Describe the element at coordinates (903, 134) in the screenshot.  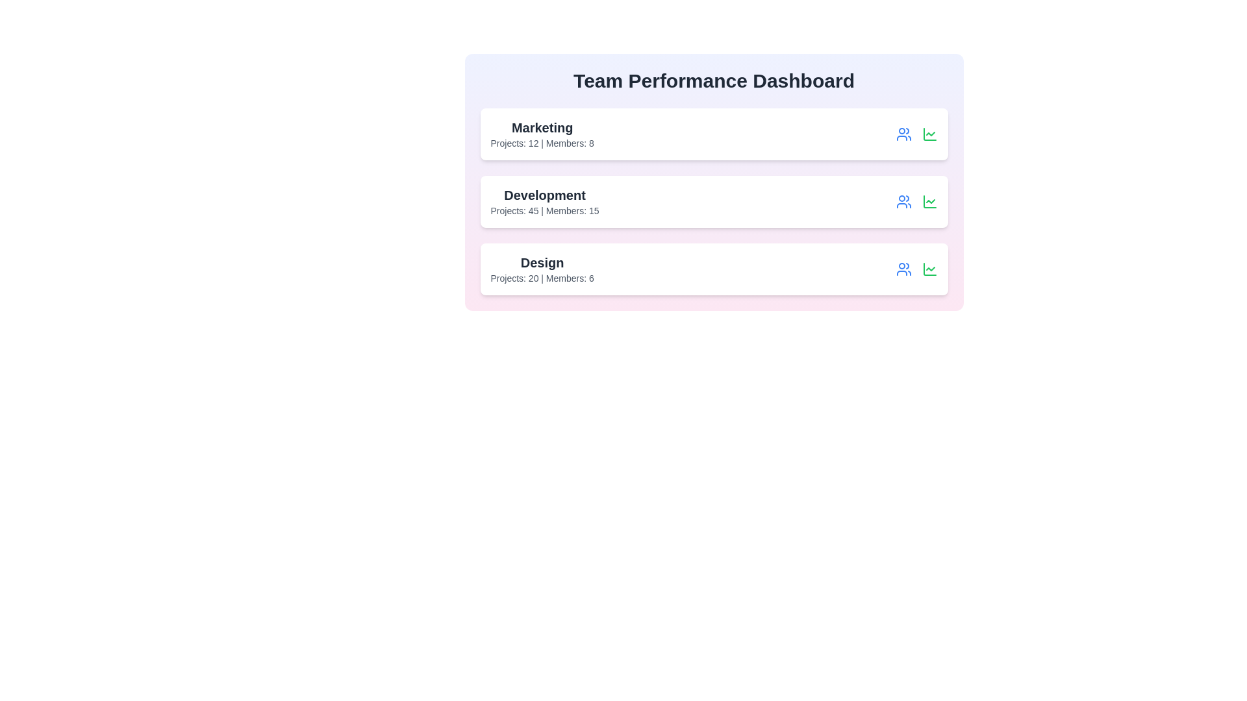
I see `the user icon for the Marketing team` at that location.